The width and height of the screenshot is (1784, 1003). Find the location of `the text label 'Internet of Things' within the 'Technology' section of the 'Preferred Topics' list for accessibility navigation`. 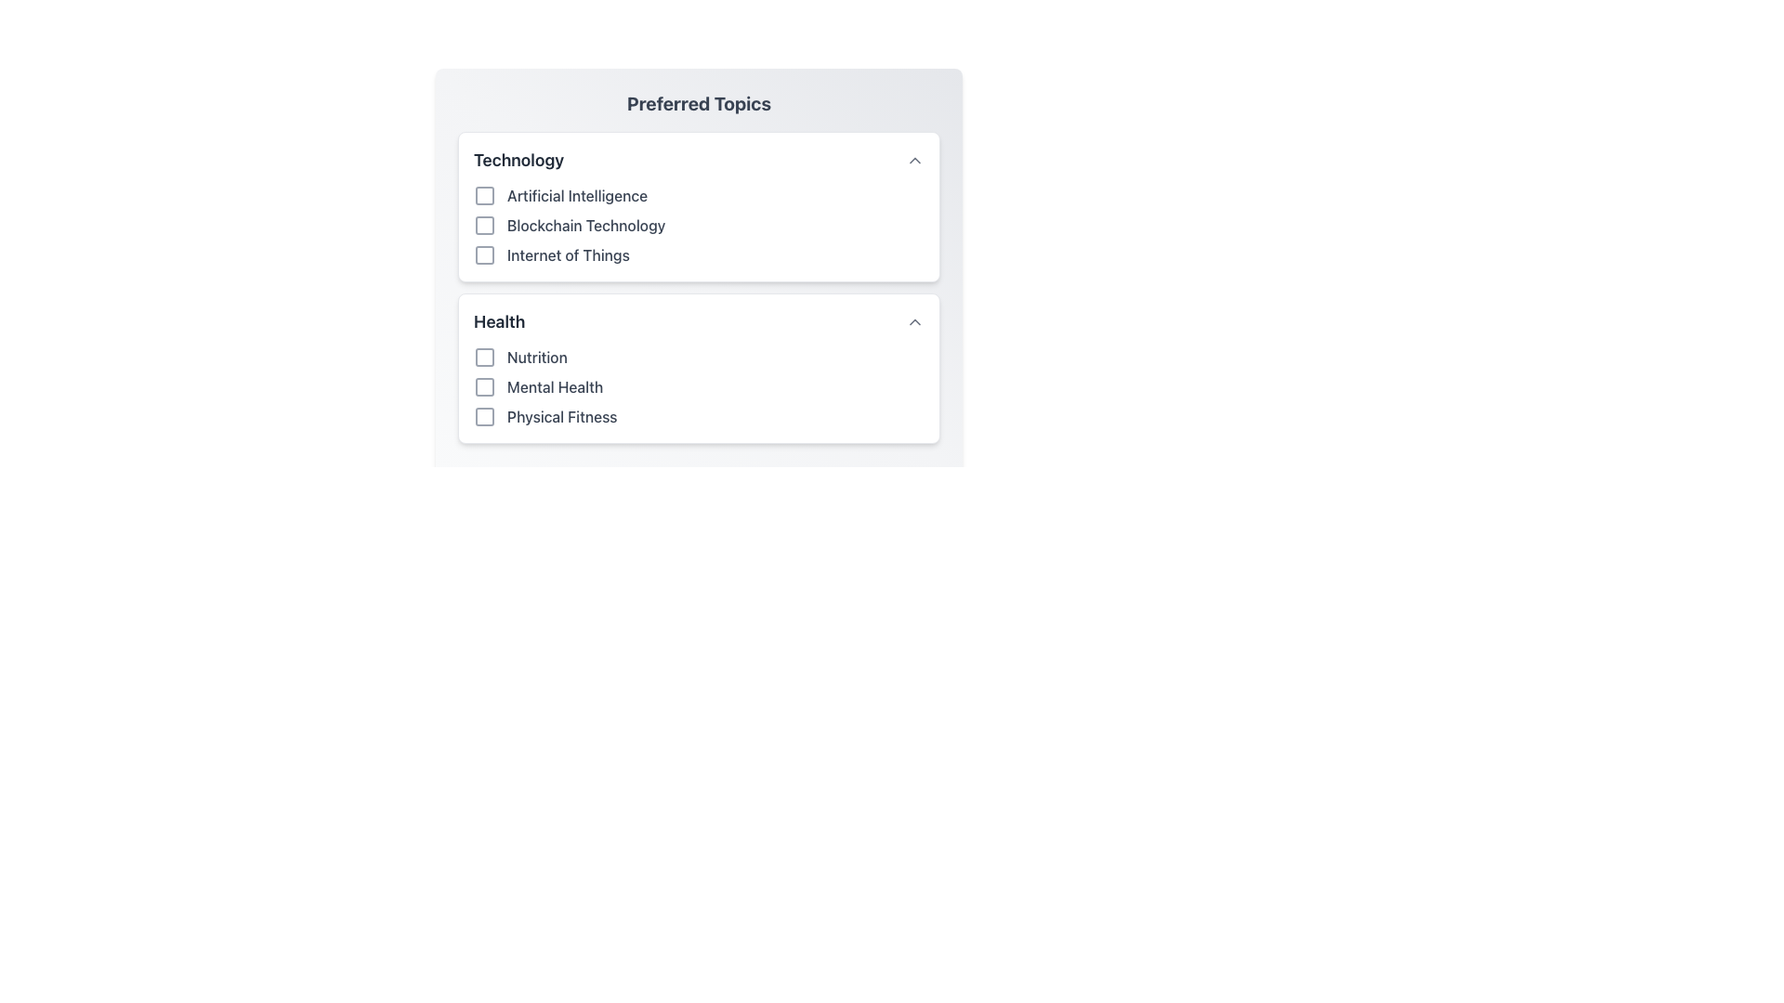

the text label 'Internet of Things' within the 'Technology' section of the 'Preferred Topics' list for accessibility navigation is located at coordinates (698, 254).